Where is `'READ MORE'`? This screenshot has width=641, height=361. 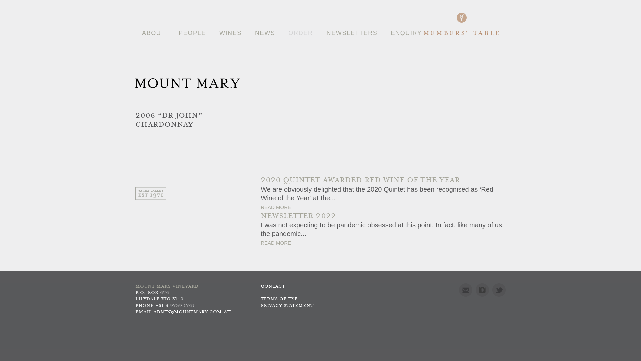 'READ MORE' is located at coordinates (276, 207).